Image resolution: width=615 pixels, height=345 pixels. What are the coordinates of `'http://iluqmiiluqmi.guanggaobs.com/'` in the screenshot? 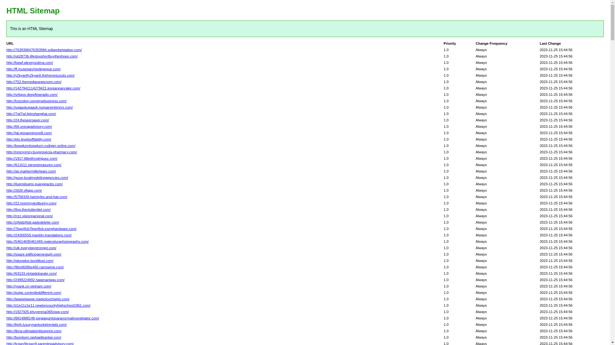 It's located at (34, 184).